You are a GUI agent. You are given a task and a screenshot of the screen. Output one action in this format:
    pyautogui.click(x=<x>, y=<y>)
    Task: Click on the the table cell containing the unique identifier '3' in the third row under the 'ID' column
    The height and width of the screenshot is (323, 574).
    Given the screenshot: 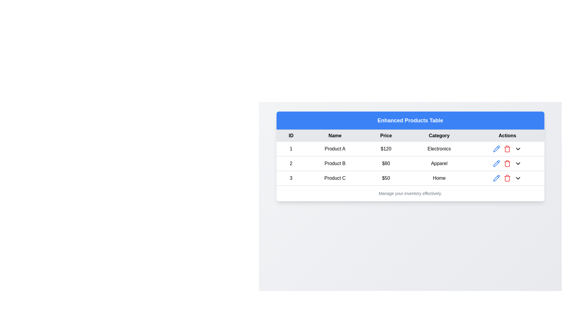 What is the action you would take?
    pyautogui.click(x=291, y=178)
    